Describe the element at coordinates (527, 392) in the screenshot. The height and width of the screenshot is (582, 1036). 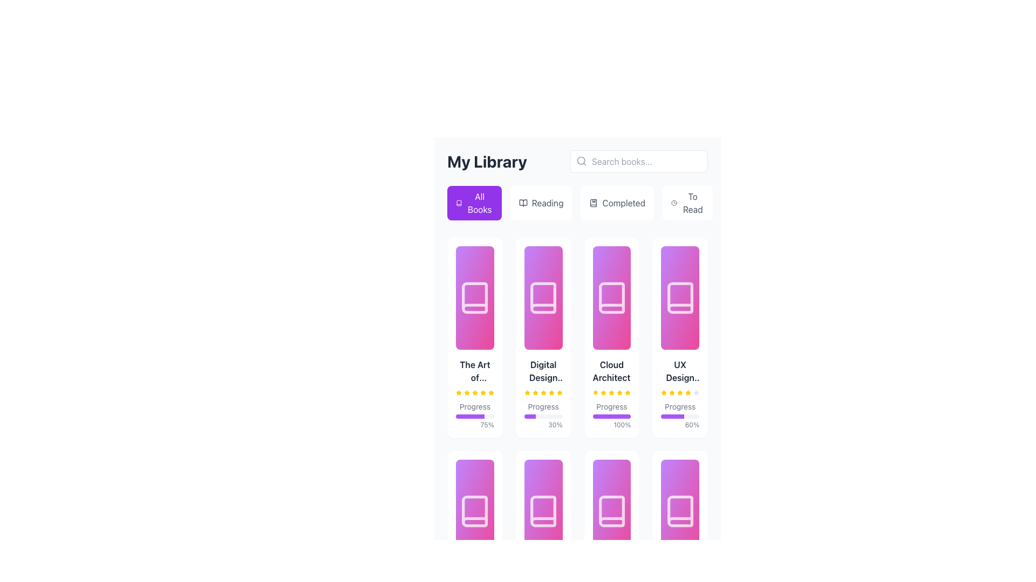
I see `the fourth star icon in the rating system below the book card titled 'Digital Design'` at that location.